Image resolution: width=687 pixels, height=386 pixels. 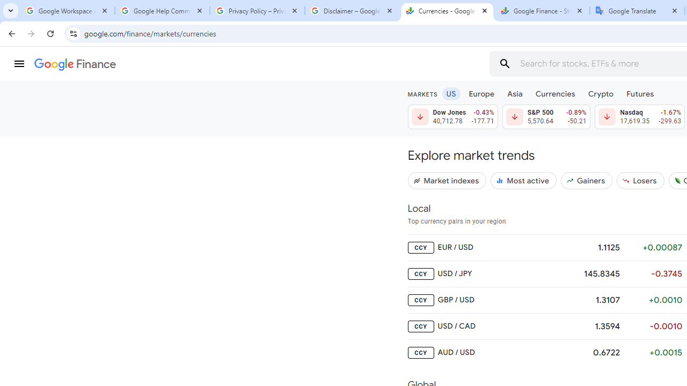 What do you see at coordinates (514, 93) in the screenshot?
I see `'Asia'` at bounding box center [514, 93].